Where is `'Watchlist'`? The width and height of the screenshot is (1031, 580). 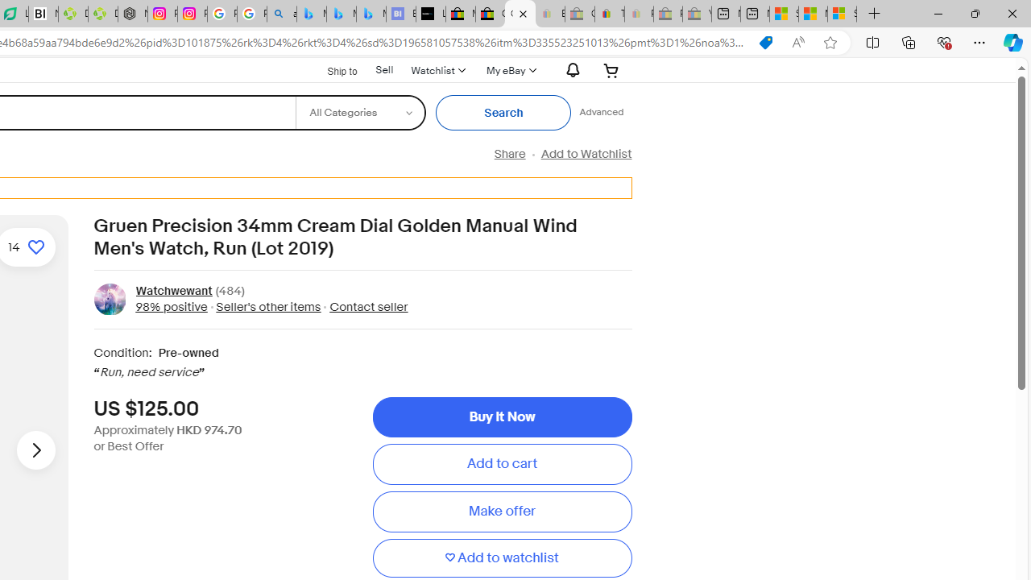
'Watchlist' is located at coordinates (437, 69).